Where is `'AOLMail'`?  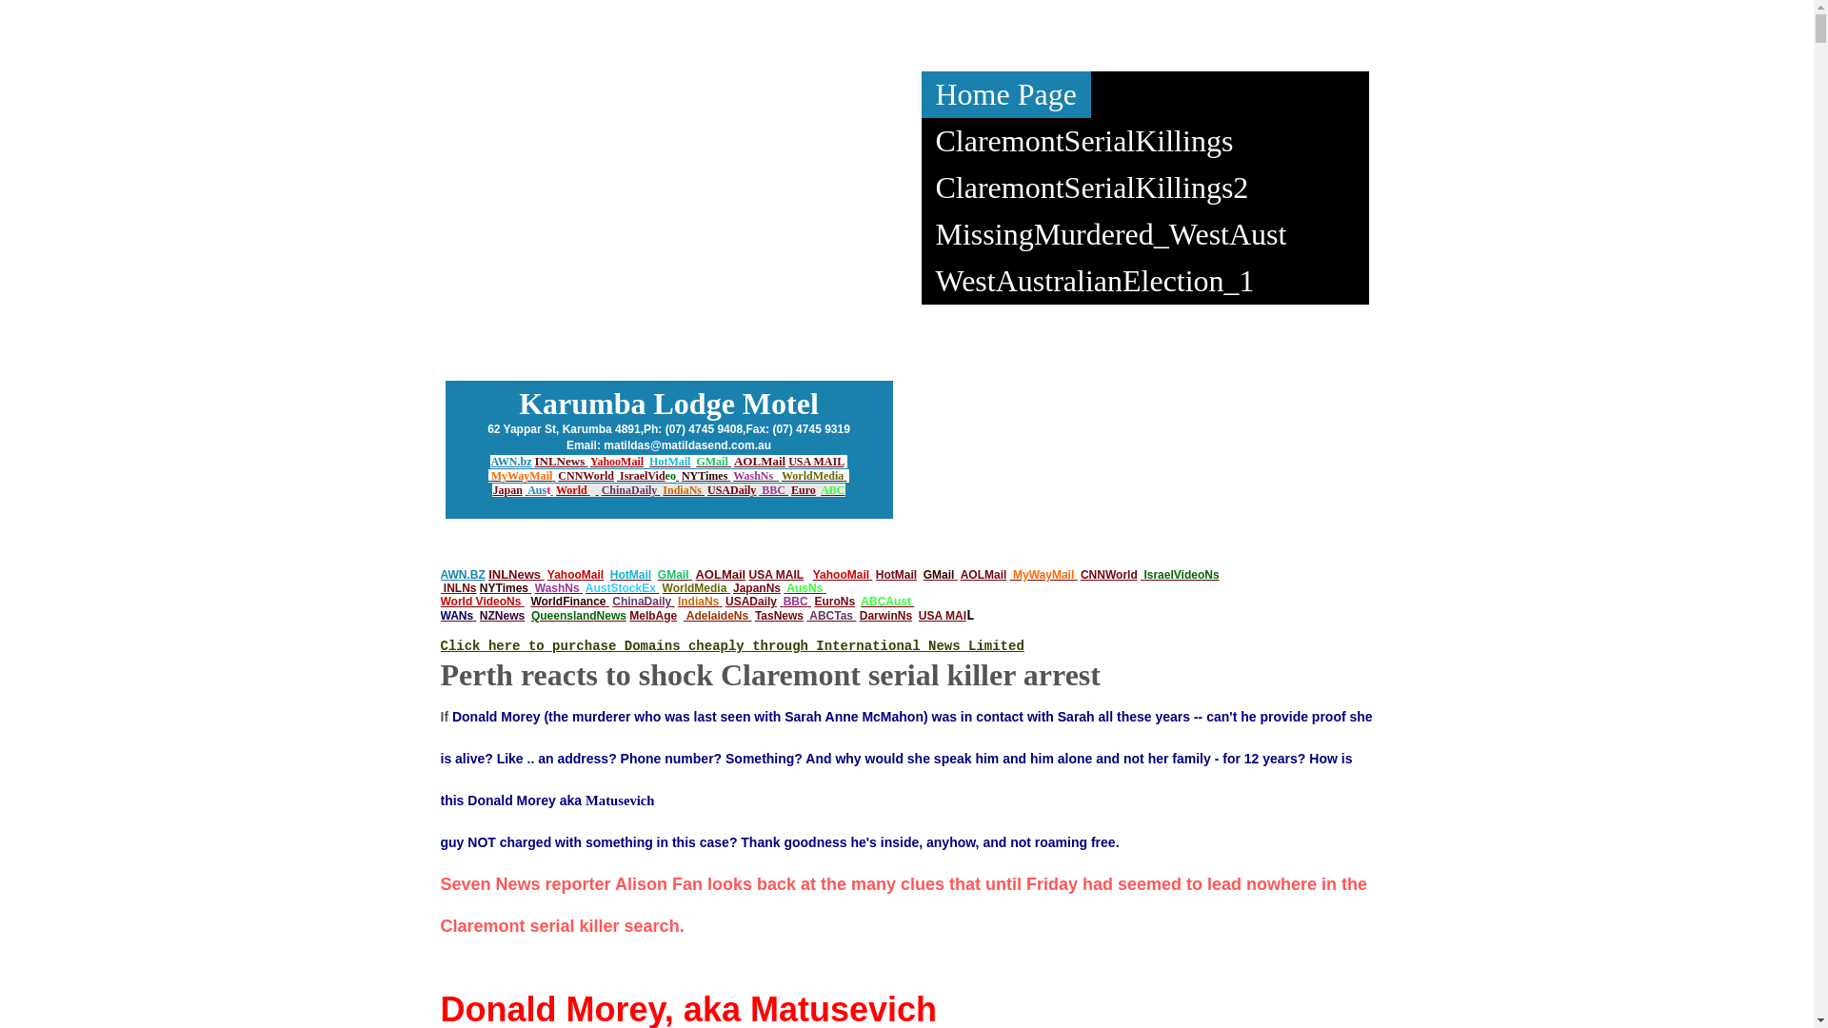
'AOLMail' is located at coordinates (758, 461).